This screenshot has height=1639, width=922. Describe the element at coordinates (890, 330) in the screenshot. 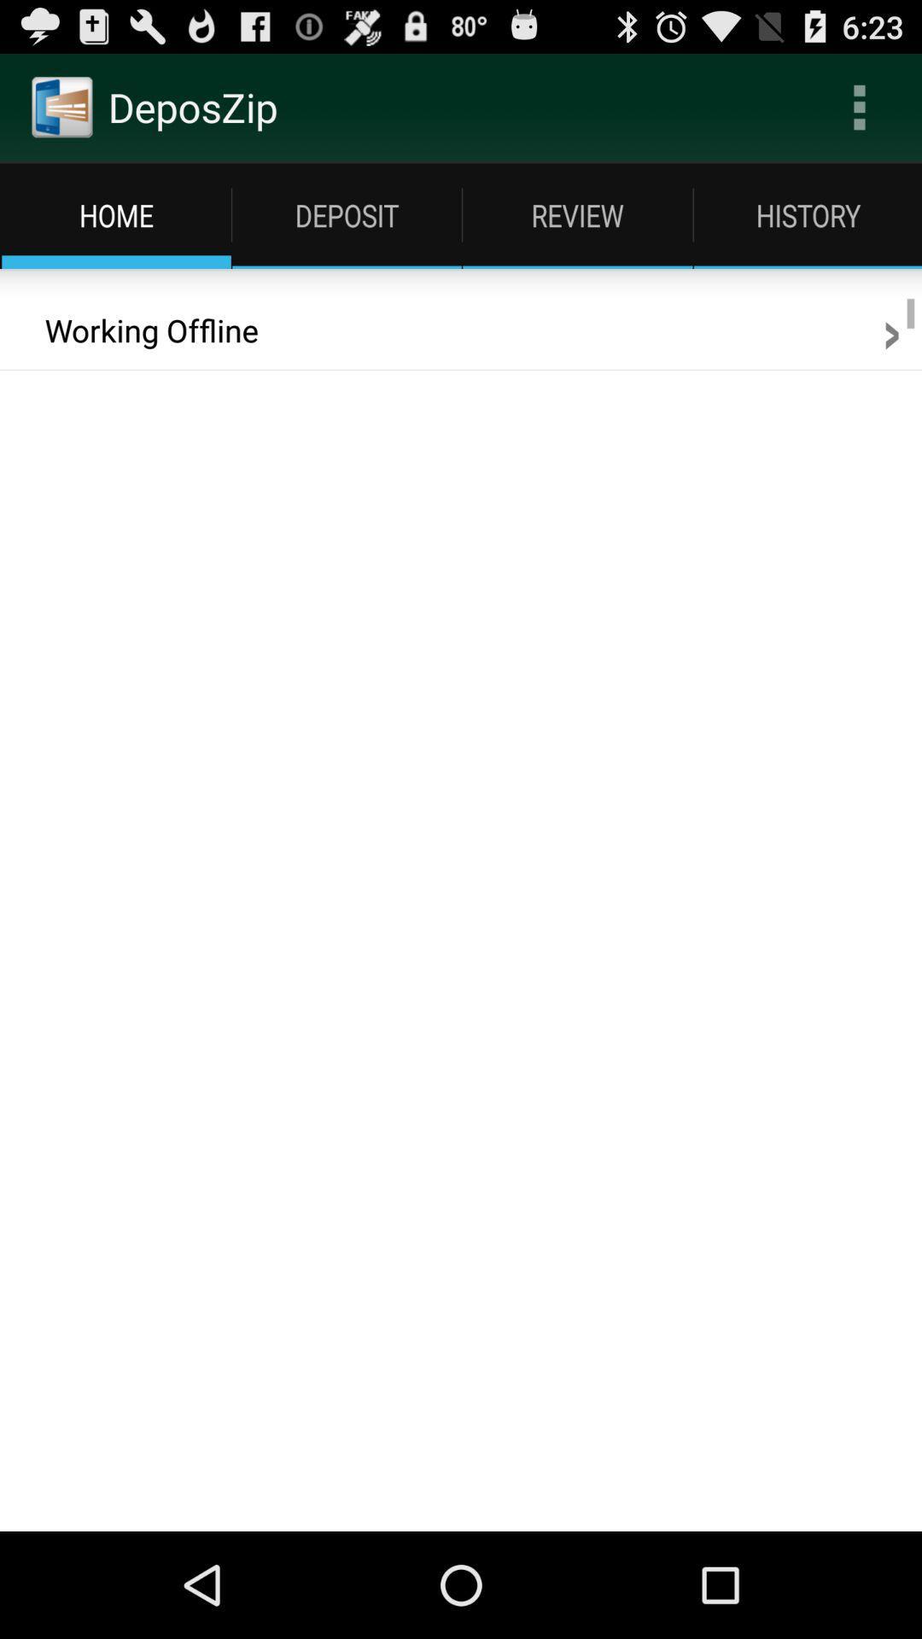

I see `> icon` at that location.